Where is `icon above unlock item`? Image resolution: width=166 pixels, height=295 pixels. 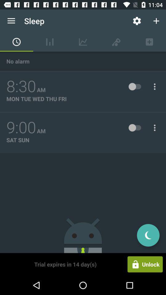
icon above unlock item is located at coordinates (148, 235).